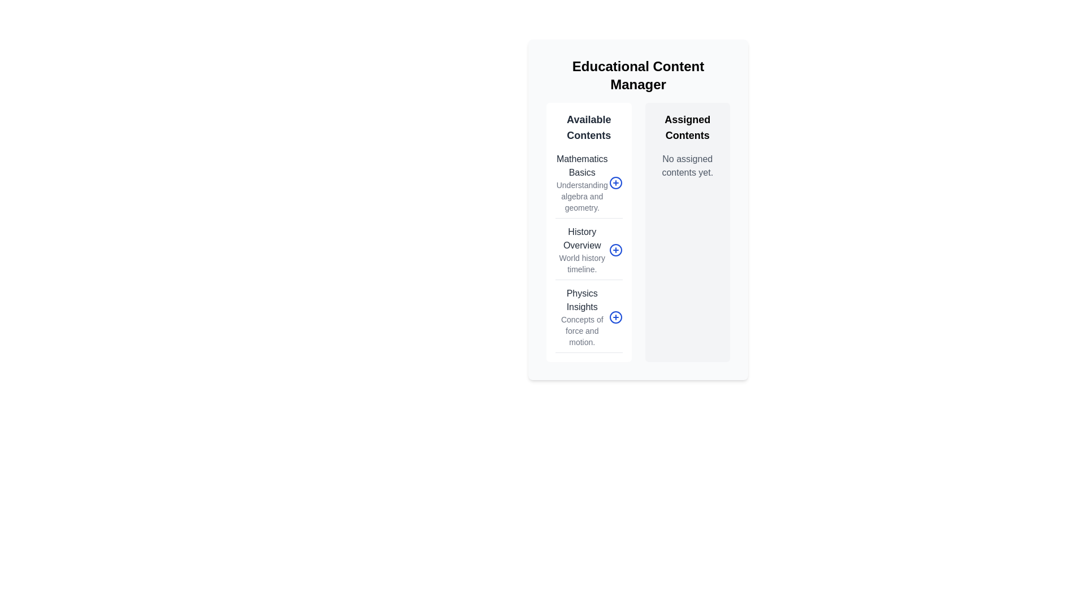 This screenshot has height=610, width=1085. I want to click on the 'Physics Insights' text label in the 'Available Contents' list under the 'Educational Content Manager' heading, which is the third item in the list, so click(582, 317).